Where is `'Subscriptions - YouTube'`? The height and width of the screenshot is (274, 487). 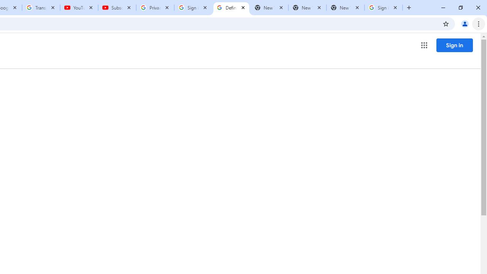 'Subscriptions - YouTube' is located at coordinates (117, 8).